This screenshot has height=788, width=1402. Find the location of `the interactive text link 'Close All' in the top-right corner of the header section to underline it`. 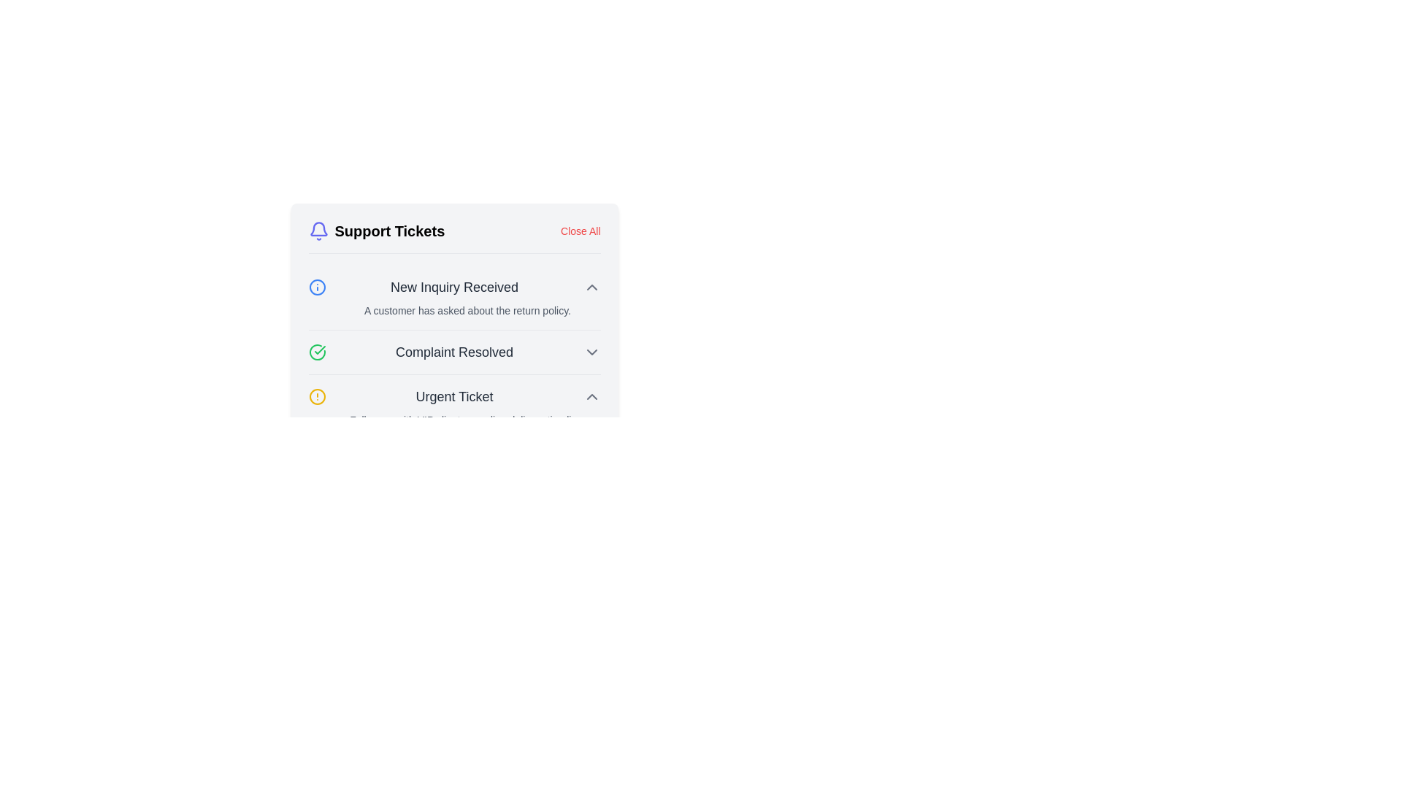

the interactive text link 'Close All' in the top-right corner of the header section to underline it is located at coordinates (580, 230).